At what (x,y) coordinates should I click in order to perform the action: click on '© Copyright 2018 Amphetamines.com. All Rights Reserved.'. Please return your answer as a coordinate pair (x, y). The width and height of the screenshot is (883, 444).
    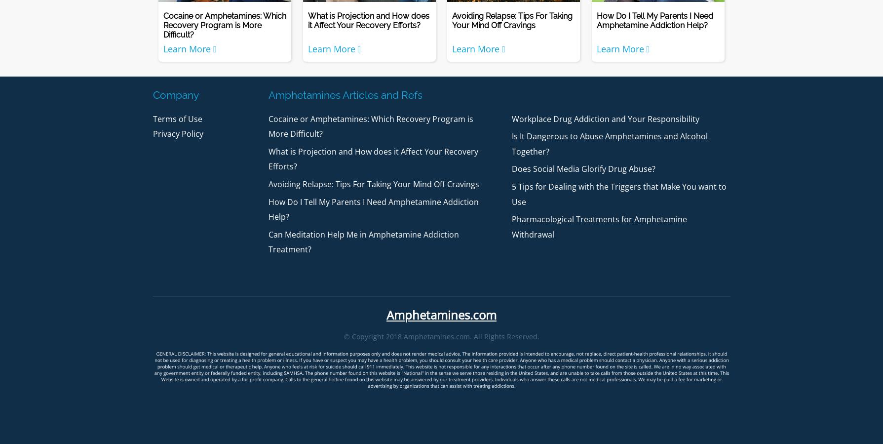
    Looking at the image, I should click on (441, 336).